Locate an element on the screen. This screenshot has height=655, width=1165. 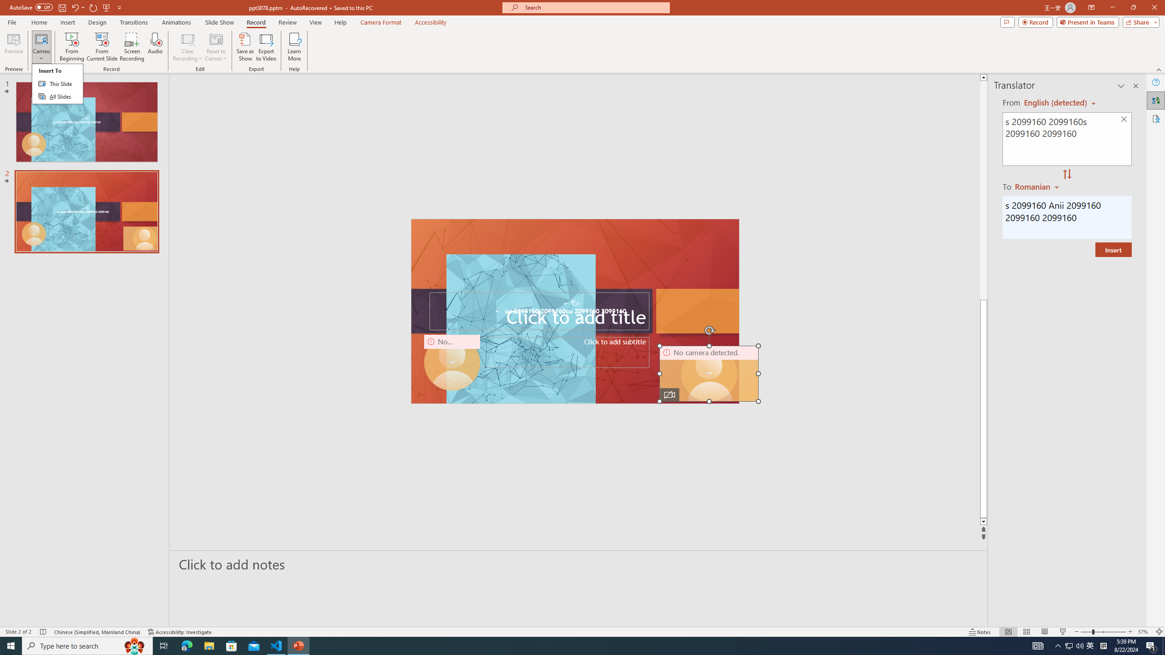
'Export to Video' is located at coordinates (265, 47).